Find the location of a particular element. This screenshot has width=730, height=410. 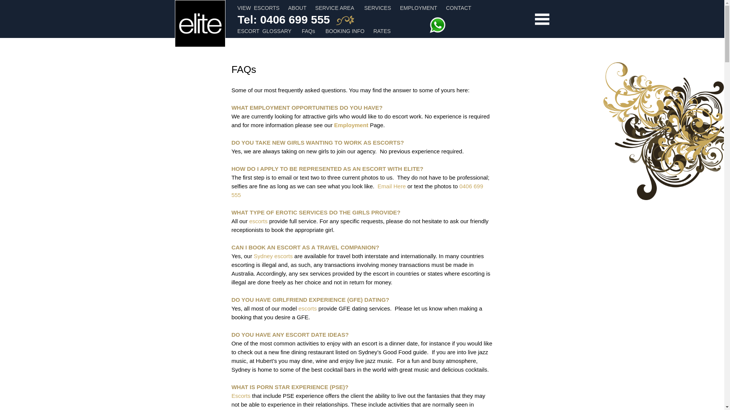

'Sydney escorts' is located at coordinates (273, 256).